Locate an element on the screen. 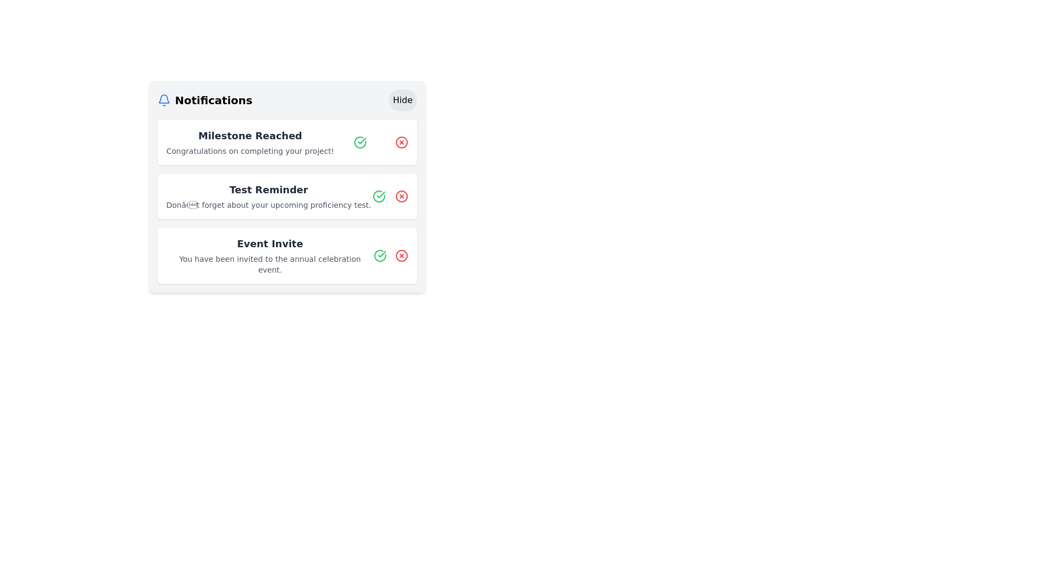 Image resolution: width=1037 pixels, height=583 pixels. the confirmation button for the 'Event Invite' notification, which is located on the right side of the notification text area is located at coordinates (380, 256).